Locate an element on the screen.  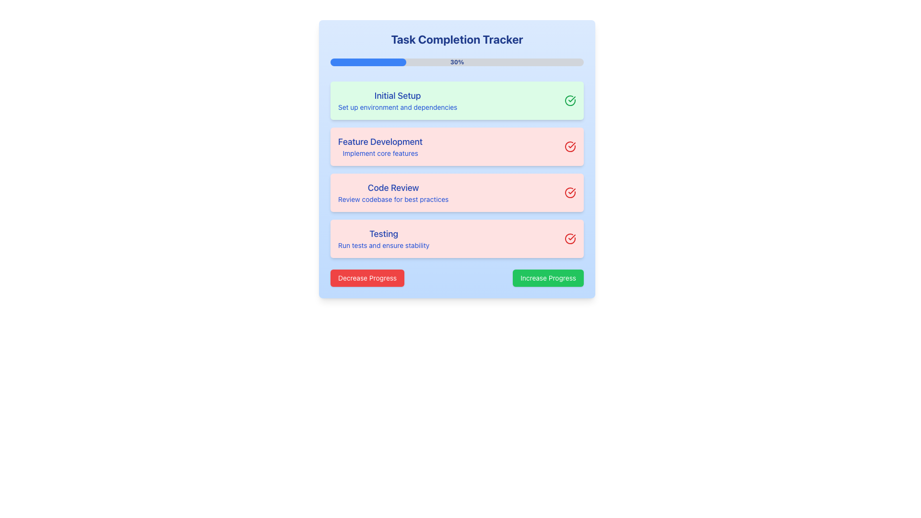
the red button labeled 'Decrease Progress' to change its appearance by triggering the hover effect is located at coordinates (367, 278).